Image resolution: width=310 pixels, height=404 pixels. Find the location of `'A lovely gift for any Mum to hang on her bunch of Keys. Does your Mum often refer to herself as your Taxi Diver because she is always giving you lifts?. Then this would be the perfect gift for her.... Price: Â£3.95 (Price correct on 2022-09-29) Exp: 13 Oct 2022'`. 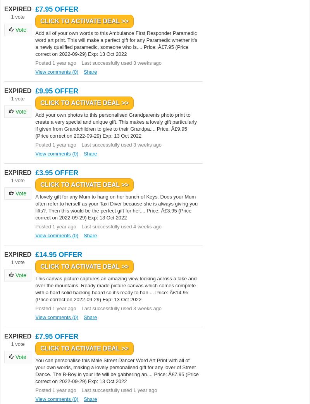

'A lovely gift for any Mum to hang on her bunch of Keys. Does your Mum often refer to herself as your Taxi Diver because she is always giving you lifts?. Then this would be the perfect gift for her.... Price: Â£3.95 (Price correct on 2022-09-29) Exp: 13 Oct 2022' is located at coordinates (116, 207).